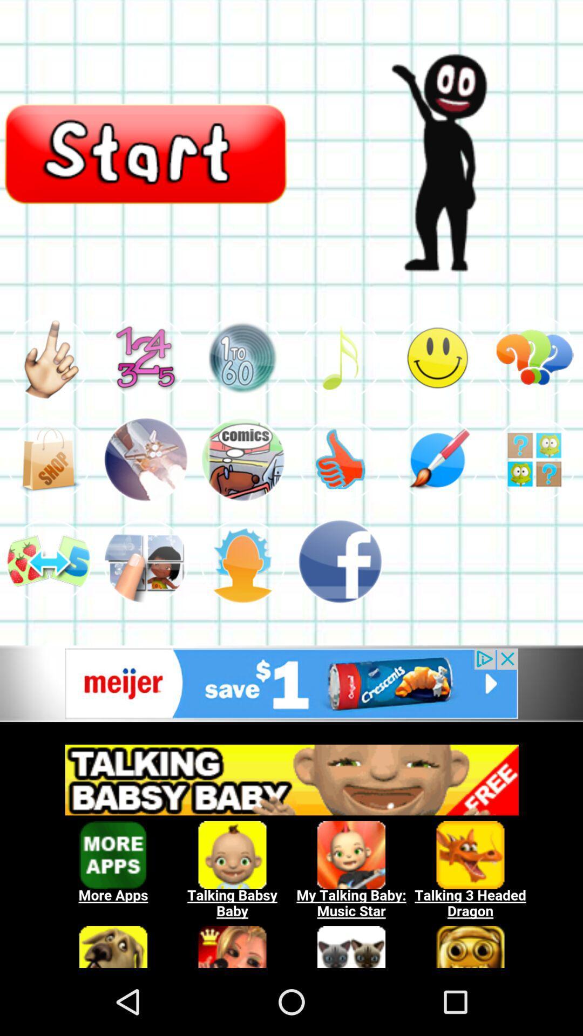 This screenshot has width=583, height=1036. What do you see at coordinates (339, 561) in the screenshot?
I see `open facebook` at bounding box center [339, 561].